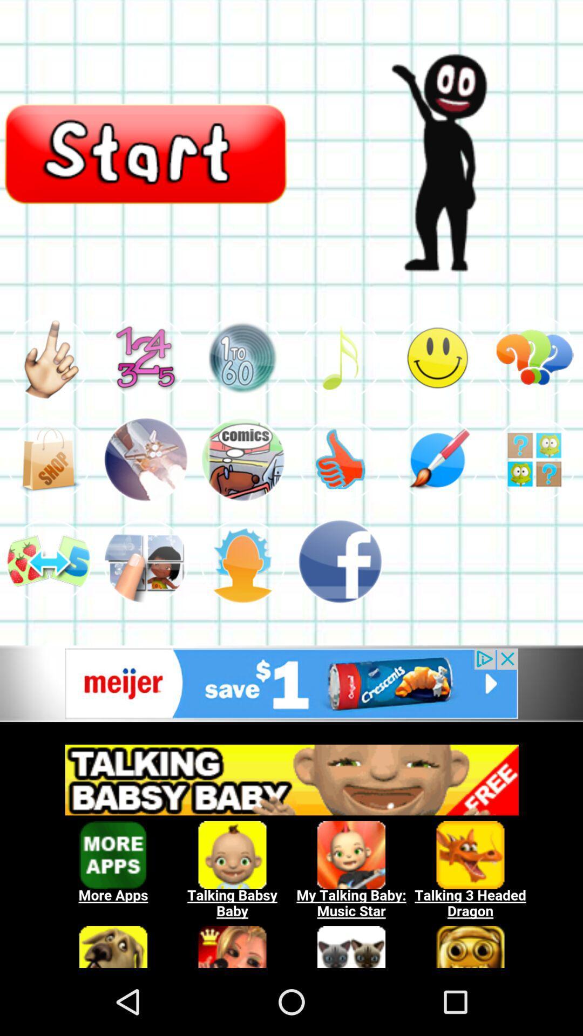 This screenshot has width=583, height=1036. What do you see at coordinates (339, 561) in the screenshot?
I see `open facebook` at bounding box center [339, 561].